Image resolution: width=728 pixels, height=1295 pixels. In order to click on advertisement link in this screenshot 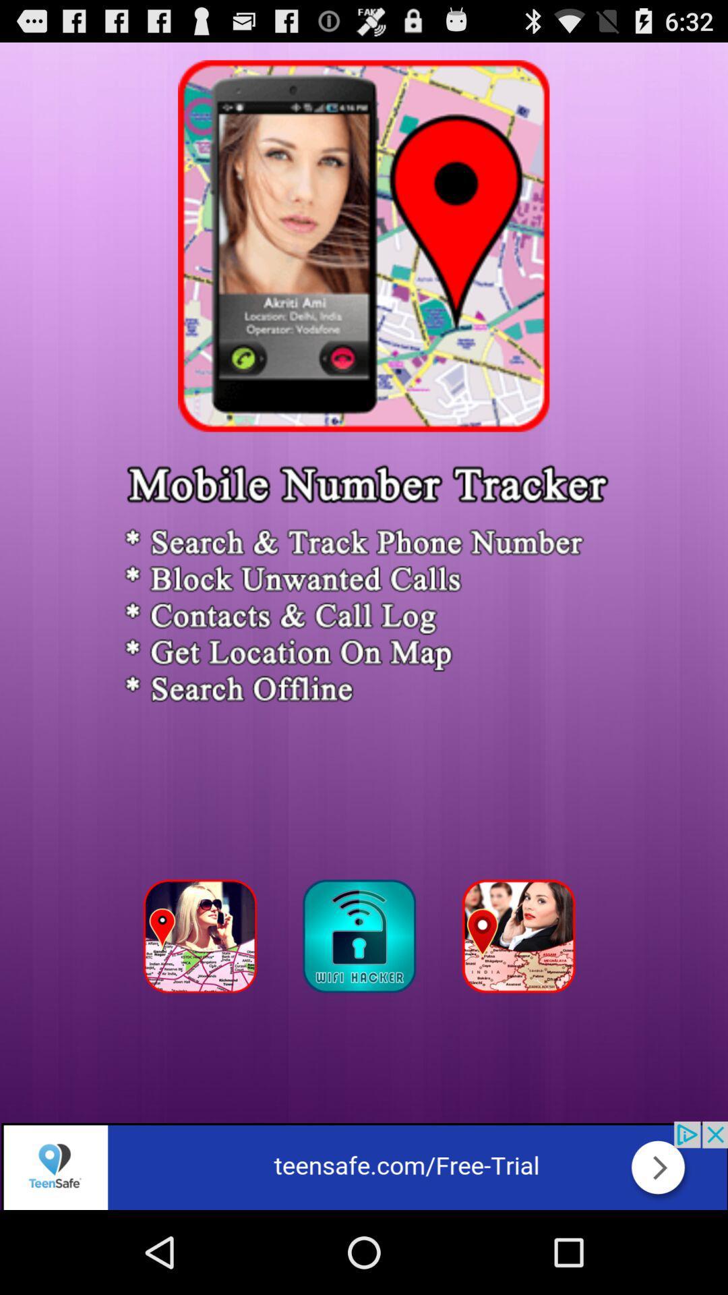, I will do `click(364, 1165)`.